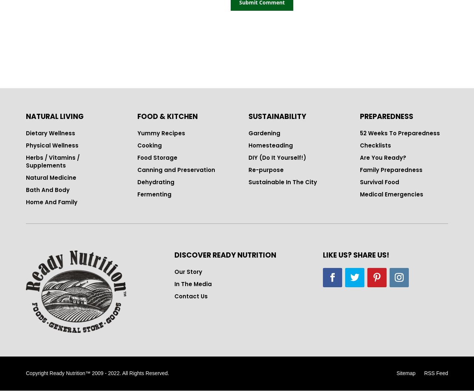  I want to click on 'PREPAREDNESS', so click(385, 116).